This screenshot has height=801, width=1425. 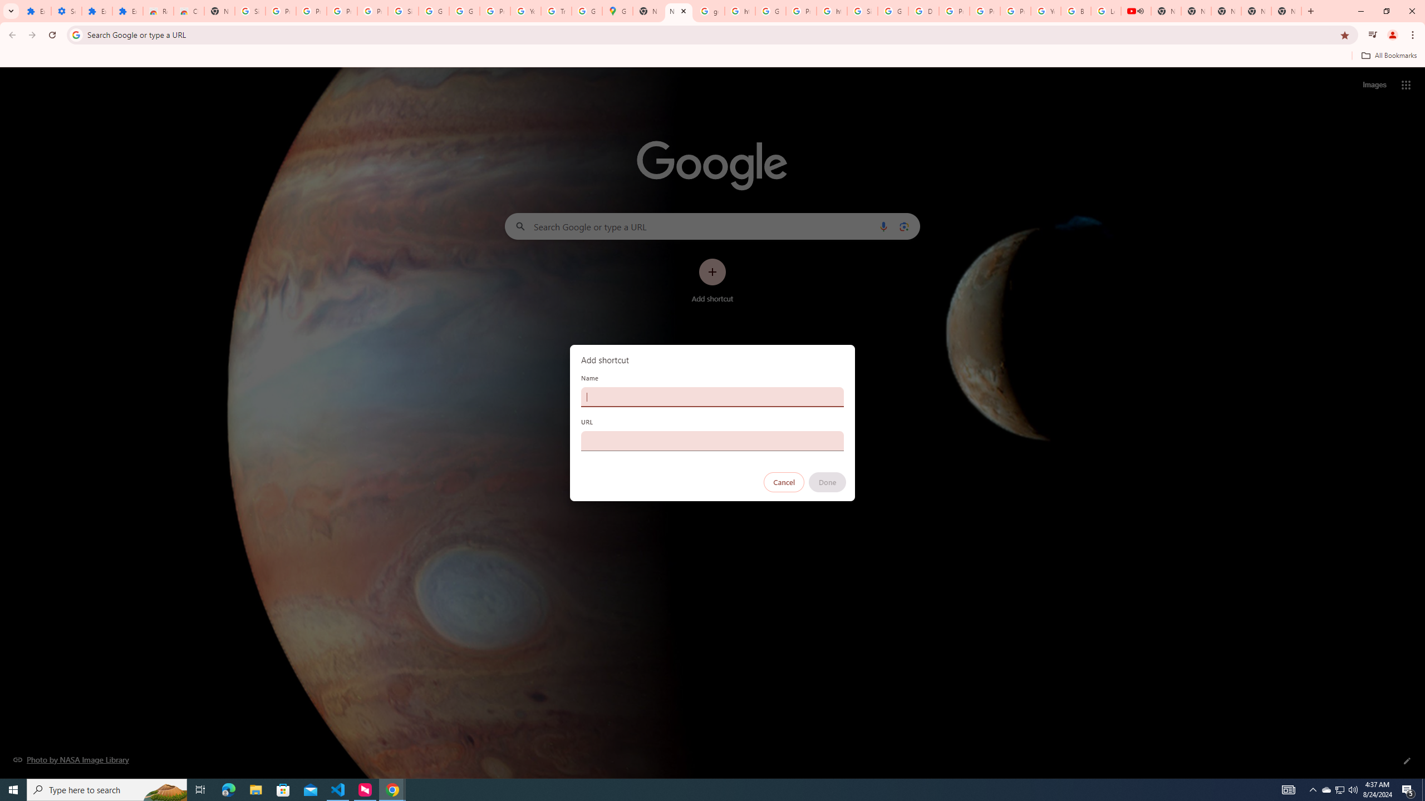 What do you see at coordinates (828, 482) in the screenshot?
I see `'Done'` at bounding box center [828, 482].